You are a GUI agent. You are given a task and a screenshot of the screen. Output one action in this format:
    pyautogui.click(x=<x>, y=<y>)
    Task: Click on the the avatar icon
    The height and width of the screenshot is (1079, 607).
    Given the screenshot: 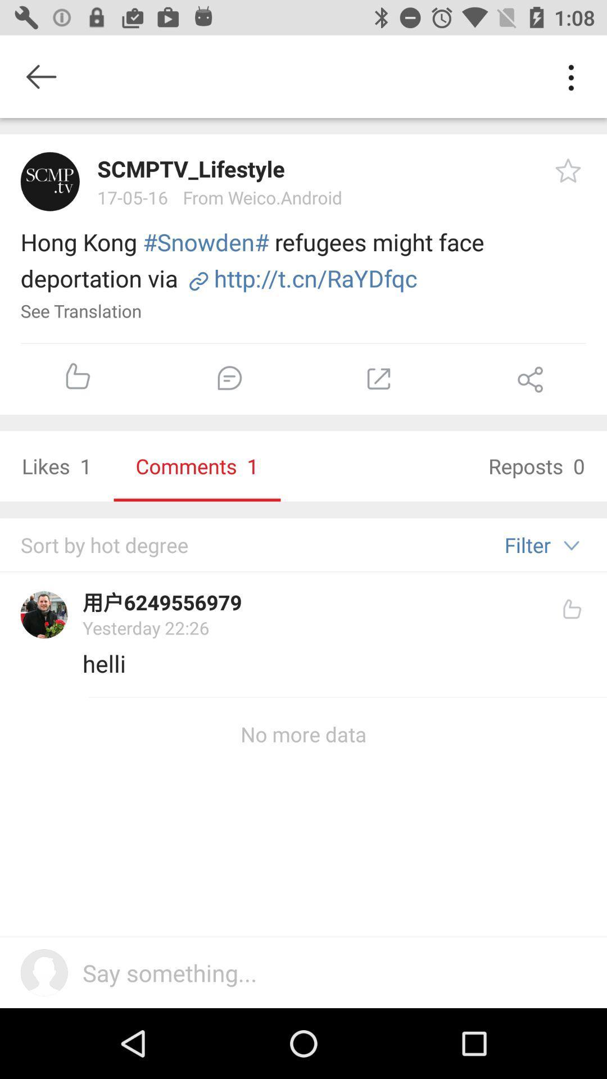 What is the action you would take?
    pyautogui.click(x=49, y=182)
    